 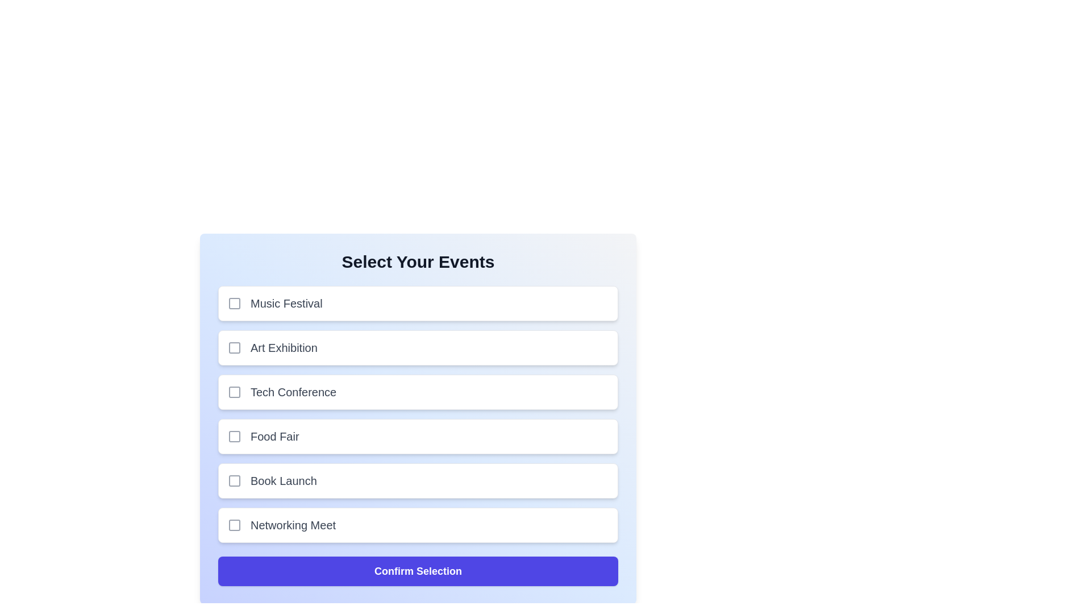 I want to click on the event Music Festival to observe the hover effect, so click(x=417, y=302).